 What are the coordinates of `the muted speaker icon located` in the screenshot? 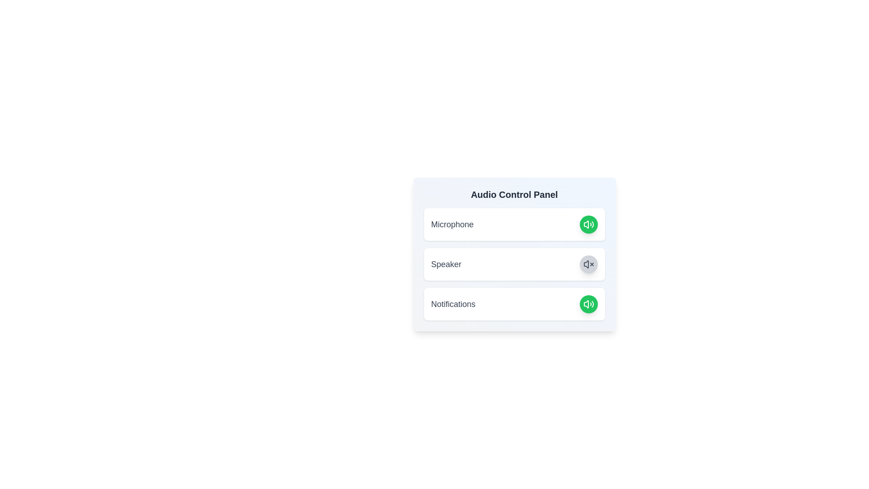 It's located at (588, 264).